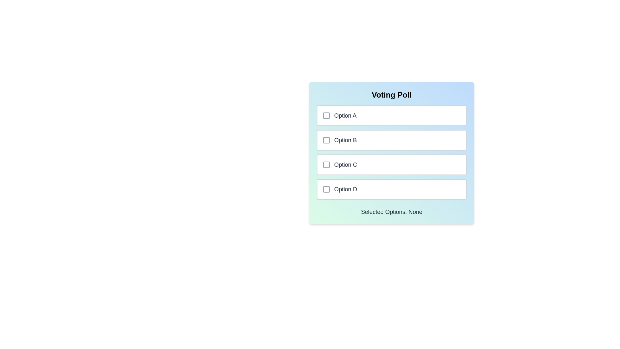 Image resolution: width=620 pixels, height=349 pixels. What do you see at coordinates (391, 164) in the screenshot?
I see `the option Option C to toggle its selection` at bounding box center [391, 164].